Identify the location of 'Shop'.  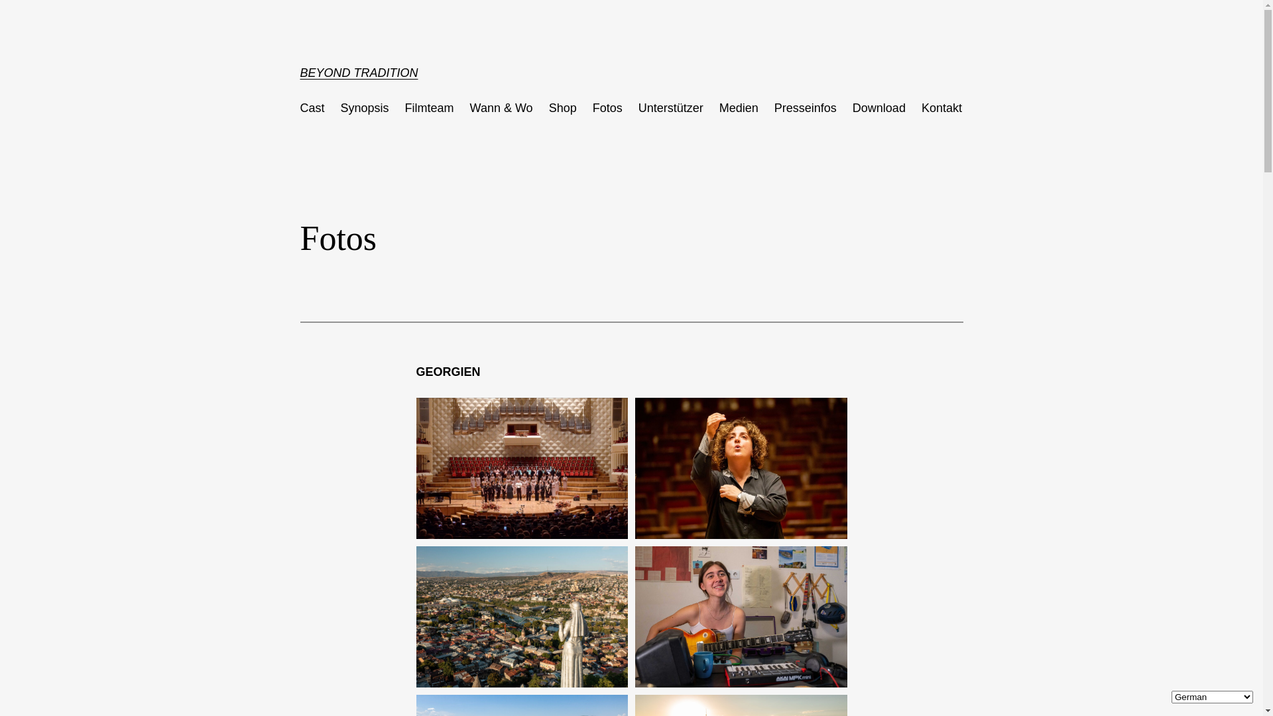
(549, 107).